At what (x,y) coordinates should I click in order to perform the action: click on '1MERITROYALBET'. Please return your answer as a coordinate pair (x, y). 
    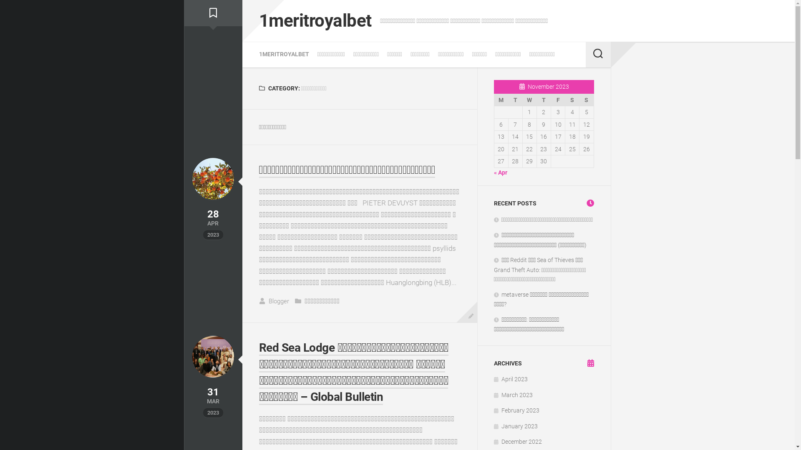
    Looking at the image, I should click on (284, 54).